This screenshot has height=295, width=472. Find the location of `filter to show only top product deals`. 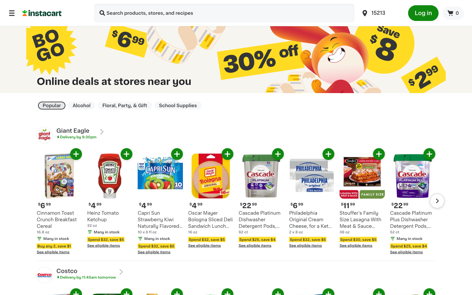

filter to show only top product deals is located at coordinates (51, 105).